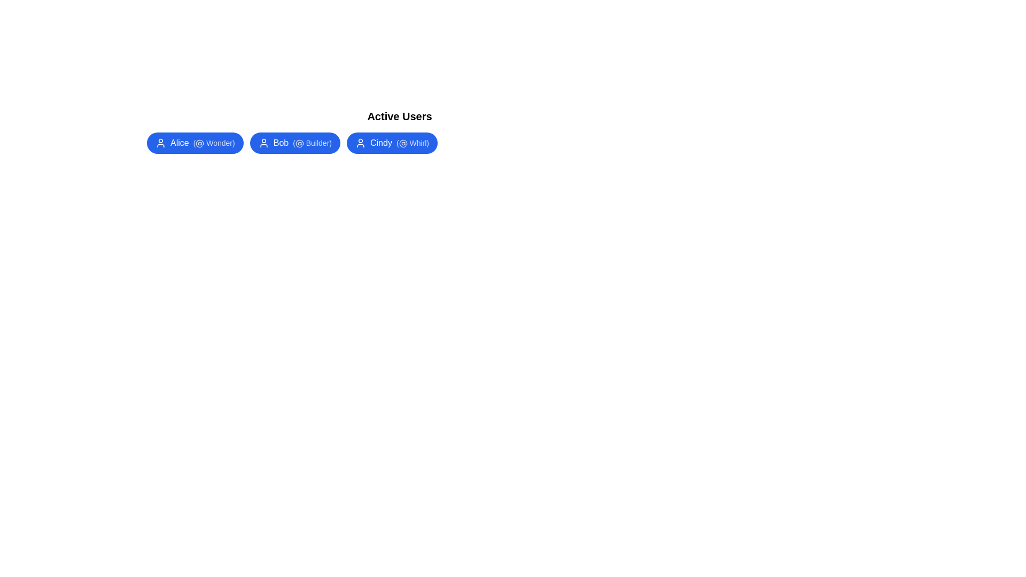  I want to click on the alias Wonder within the user chip, so click(214, 142).